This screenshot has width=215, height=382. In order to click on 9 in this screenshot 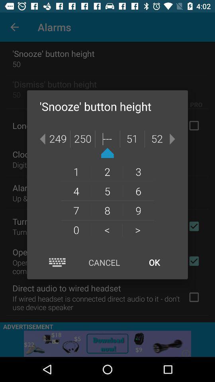, I will do `click(138, 210)`.